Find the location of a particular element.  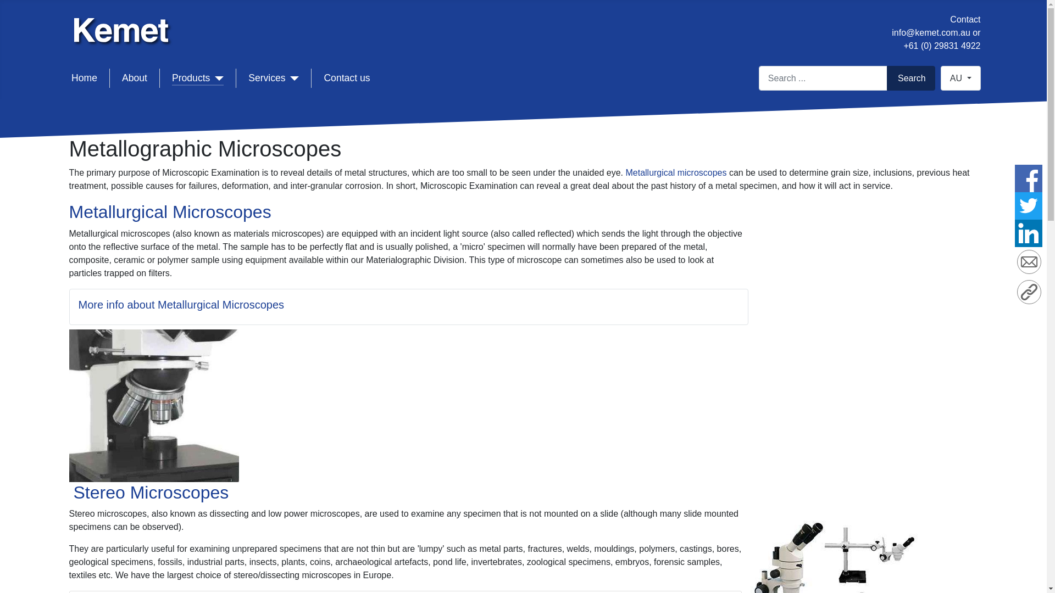

'Metallurgical microscopes' is located at coordinates (675, 172).